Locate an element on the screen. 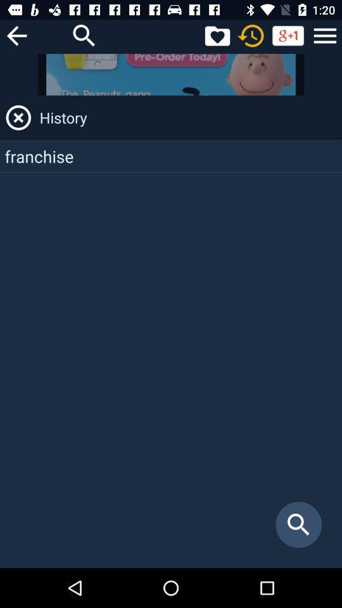  open favorites is located at coordinates (217, 35).